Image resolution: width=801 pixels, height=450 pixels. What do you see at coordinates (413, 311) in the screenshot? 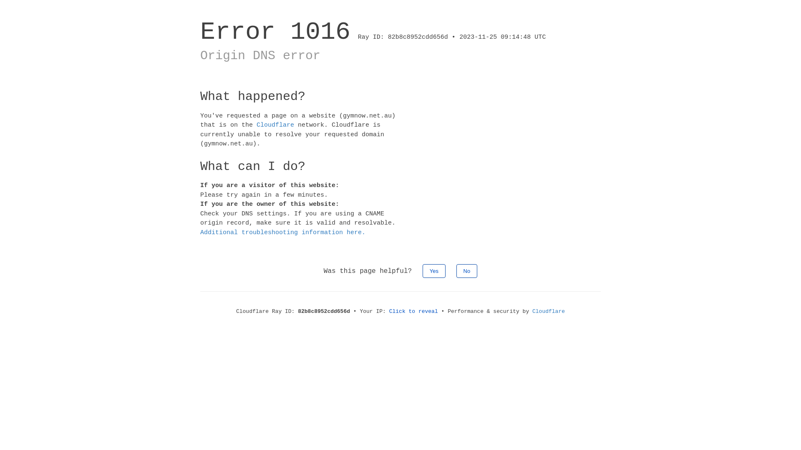
I see `'Click to reveal'` at bounding box center [413, 311].